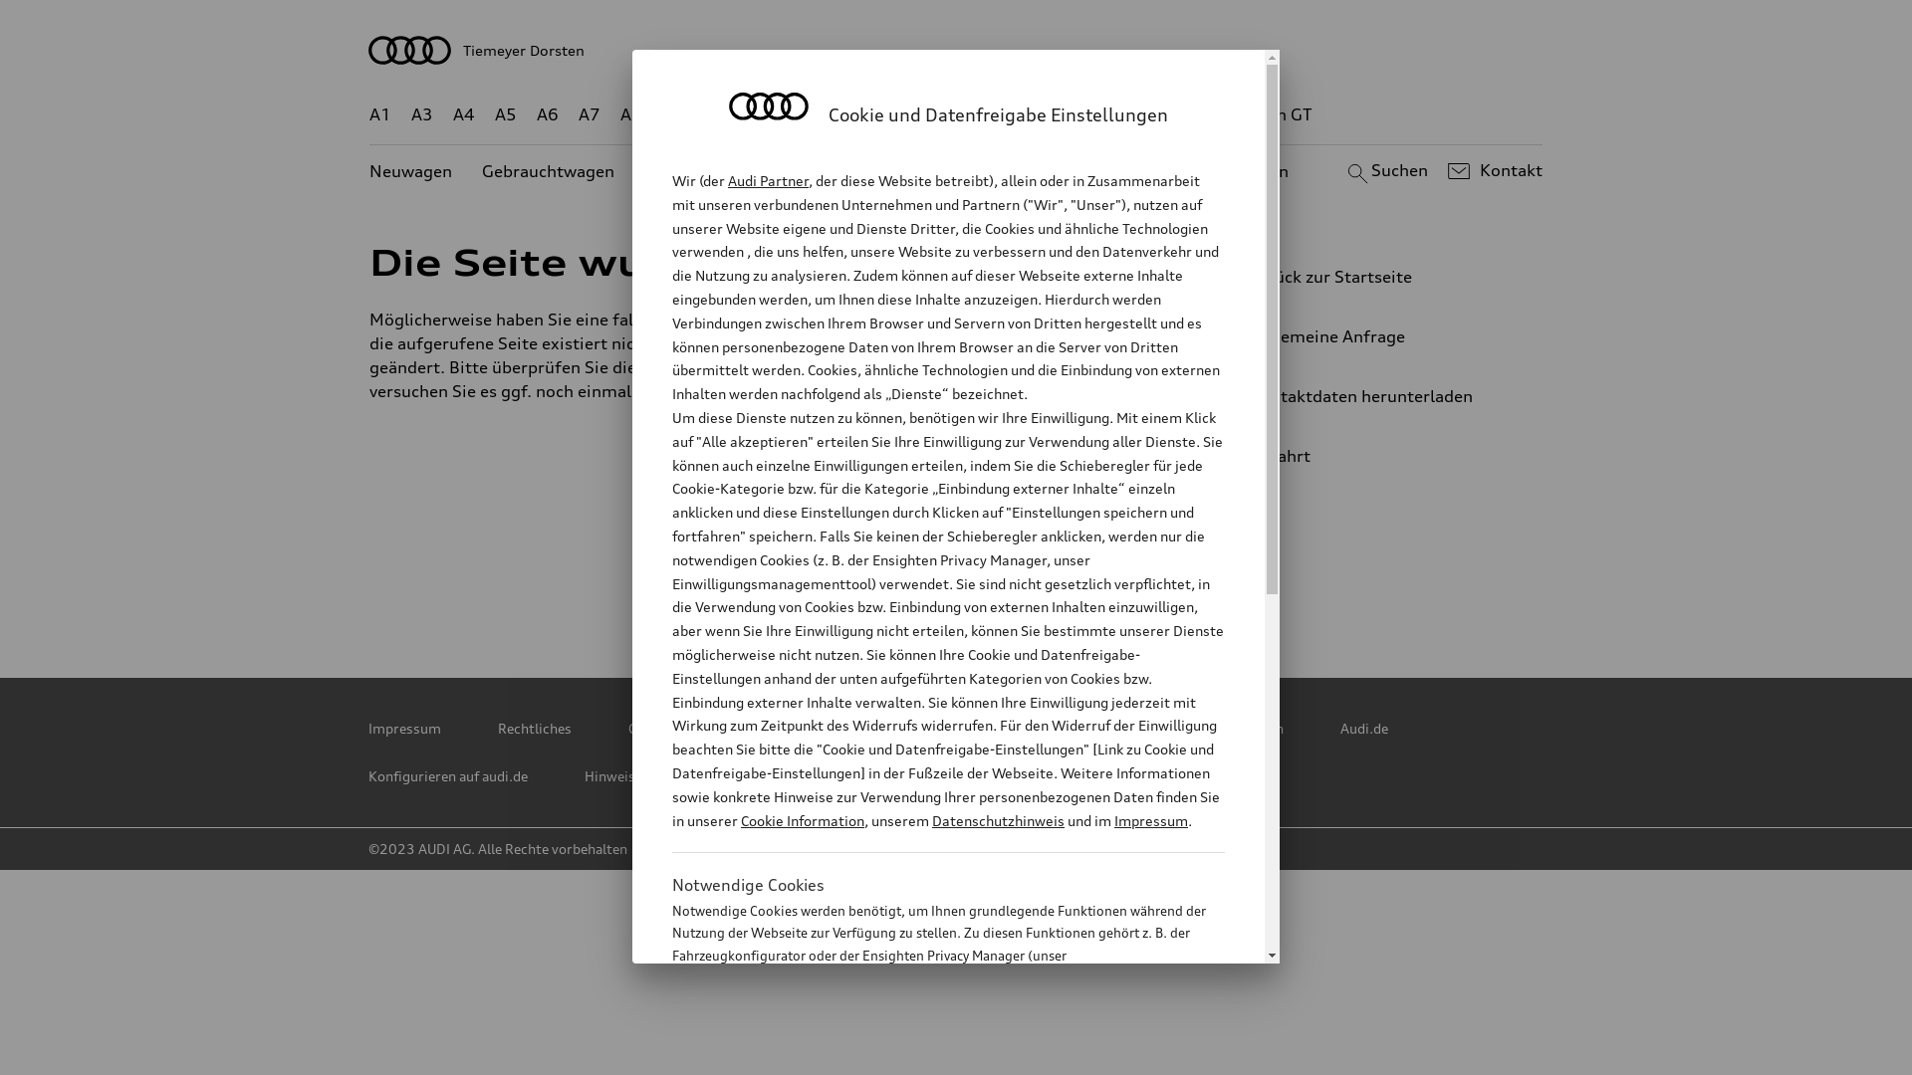  Describe the element at coordinates (548, 170) in the screenshot. I see `'Gebrauchtwagen'` at that location.